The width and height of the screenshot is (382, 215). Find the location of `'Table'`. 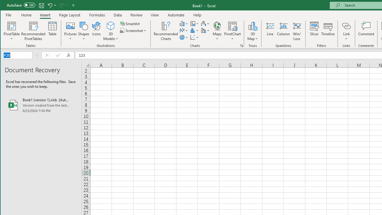

'Table' is located at coordinates (53, 31).